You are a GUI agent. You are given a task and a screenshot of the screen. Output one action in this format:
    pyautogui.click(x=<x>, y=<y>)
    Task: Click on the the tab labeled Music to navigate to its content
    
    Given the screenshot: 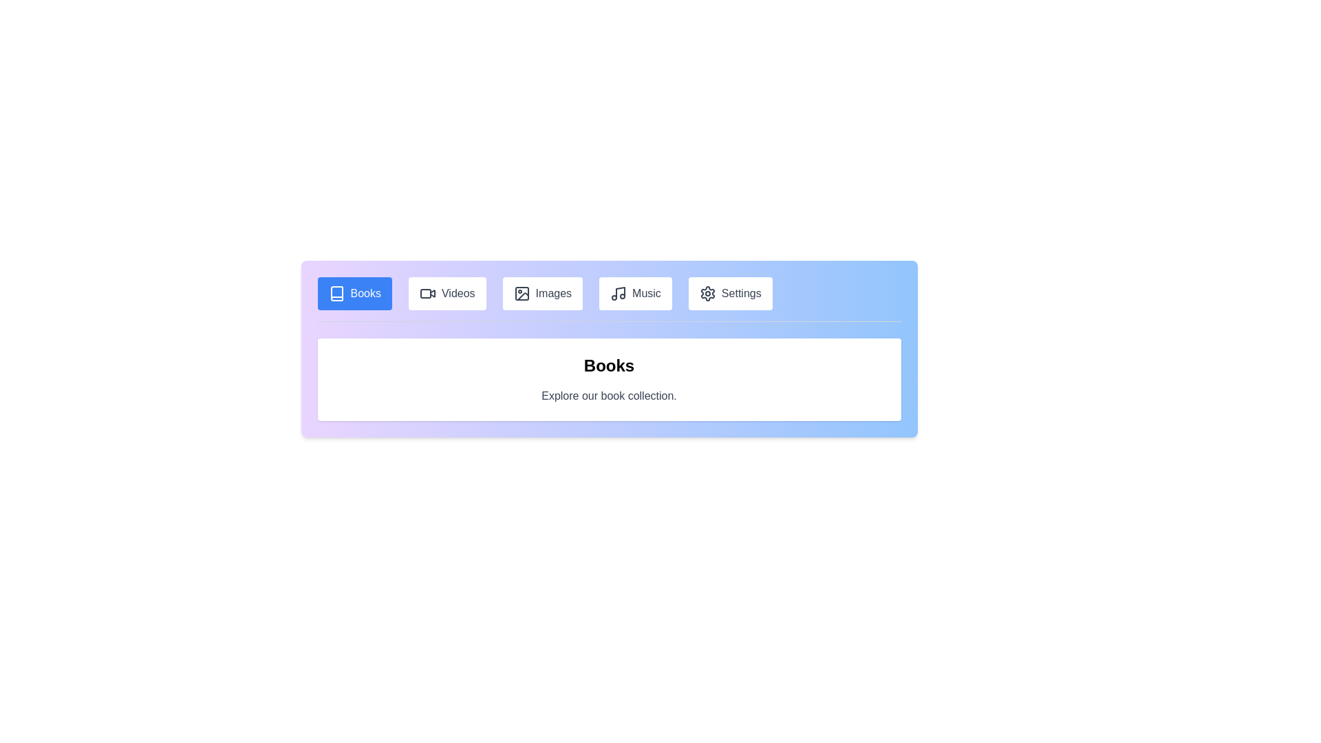 What is the action you would take?
    pyautogui.click(x=634, y=293)
    